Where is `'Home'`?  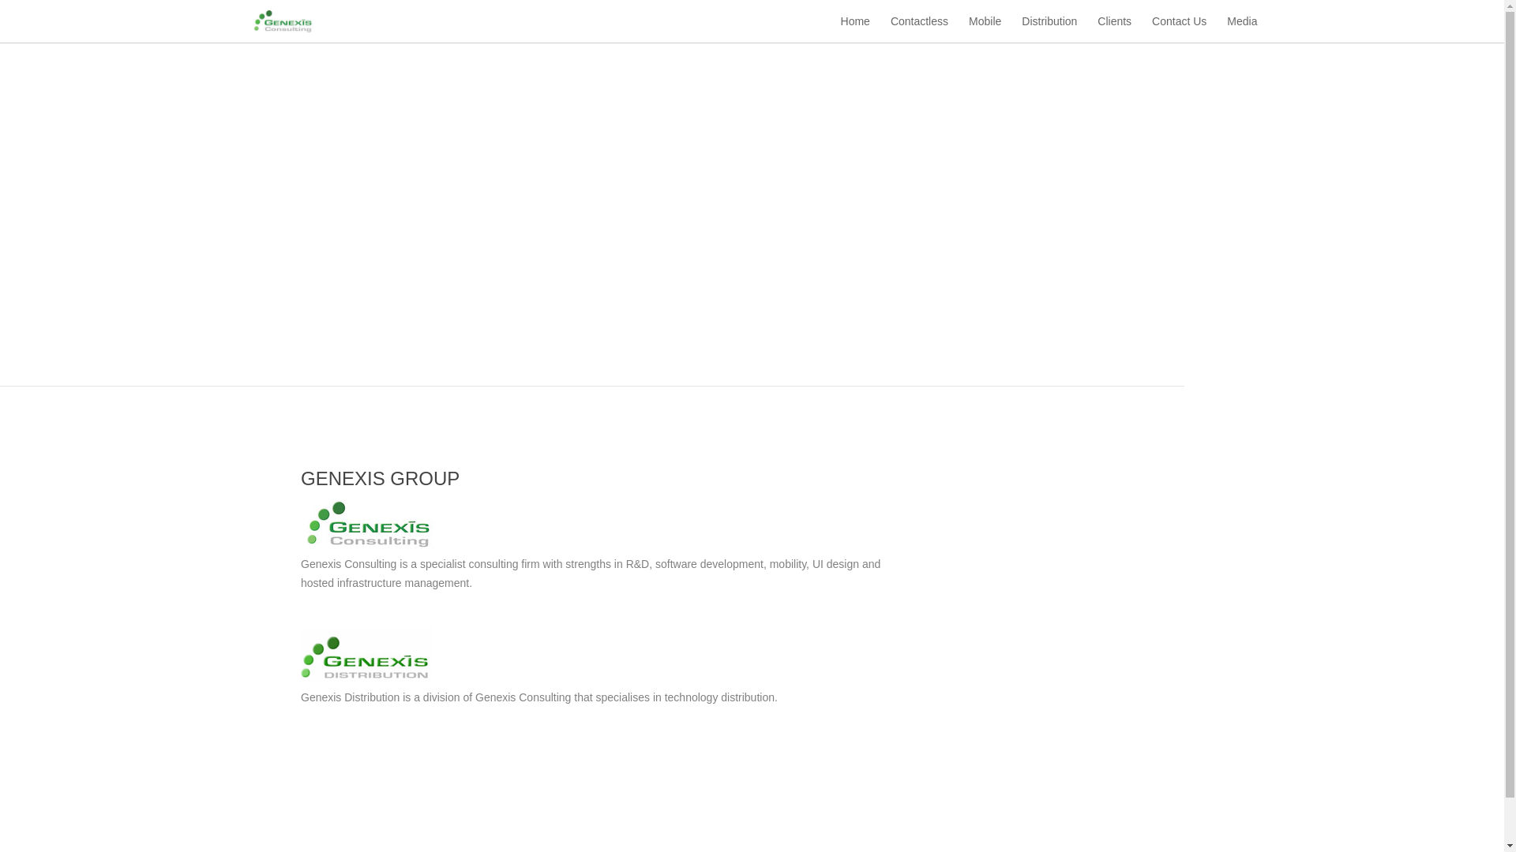 'Home' is located at coordinates (854, 29).